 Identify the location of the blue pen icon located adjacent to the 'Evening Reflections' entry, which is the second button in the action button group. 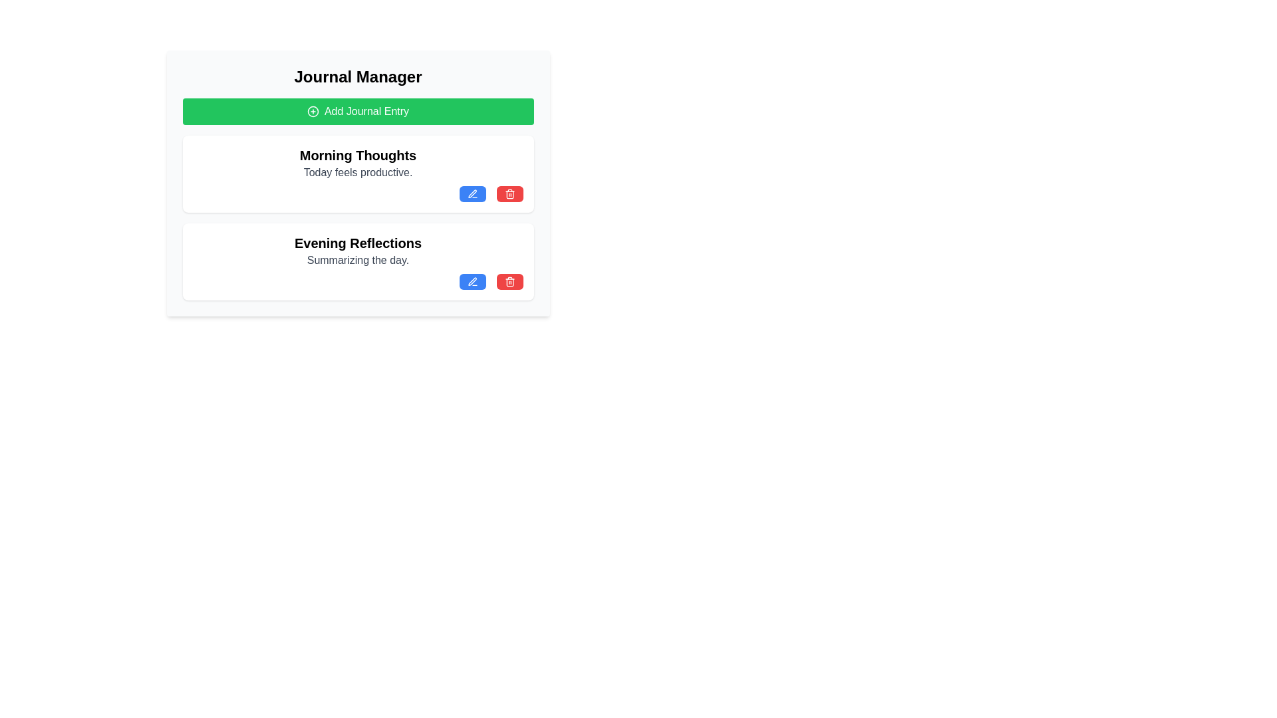
(472, 281).